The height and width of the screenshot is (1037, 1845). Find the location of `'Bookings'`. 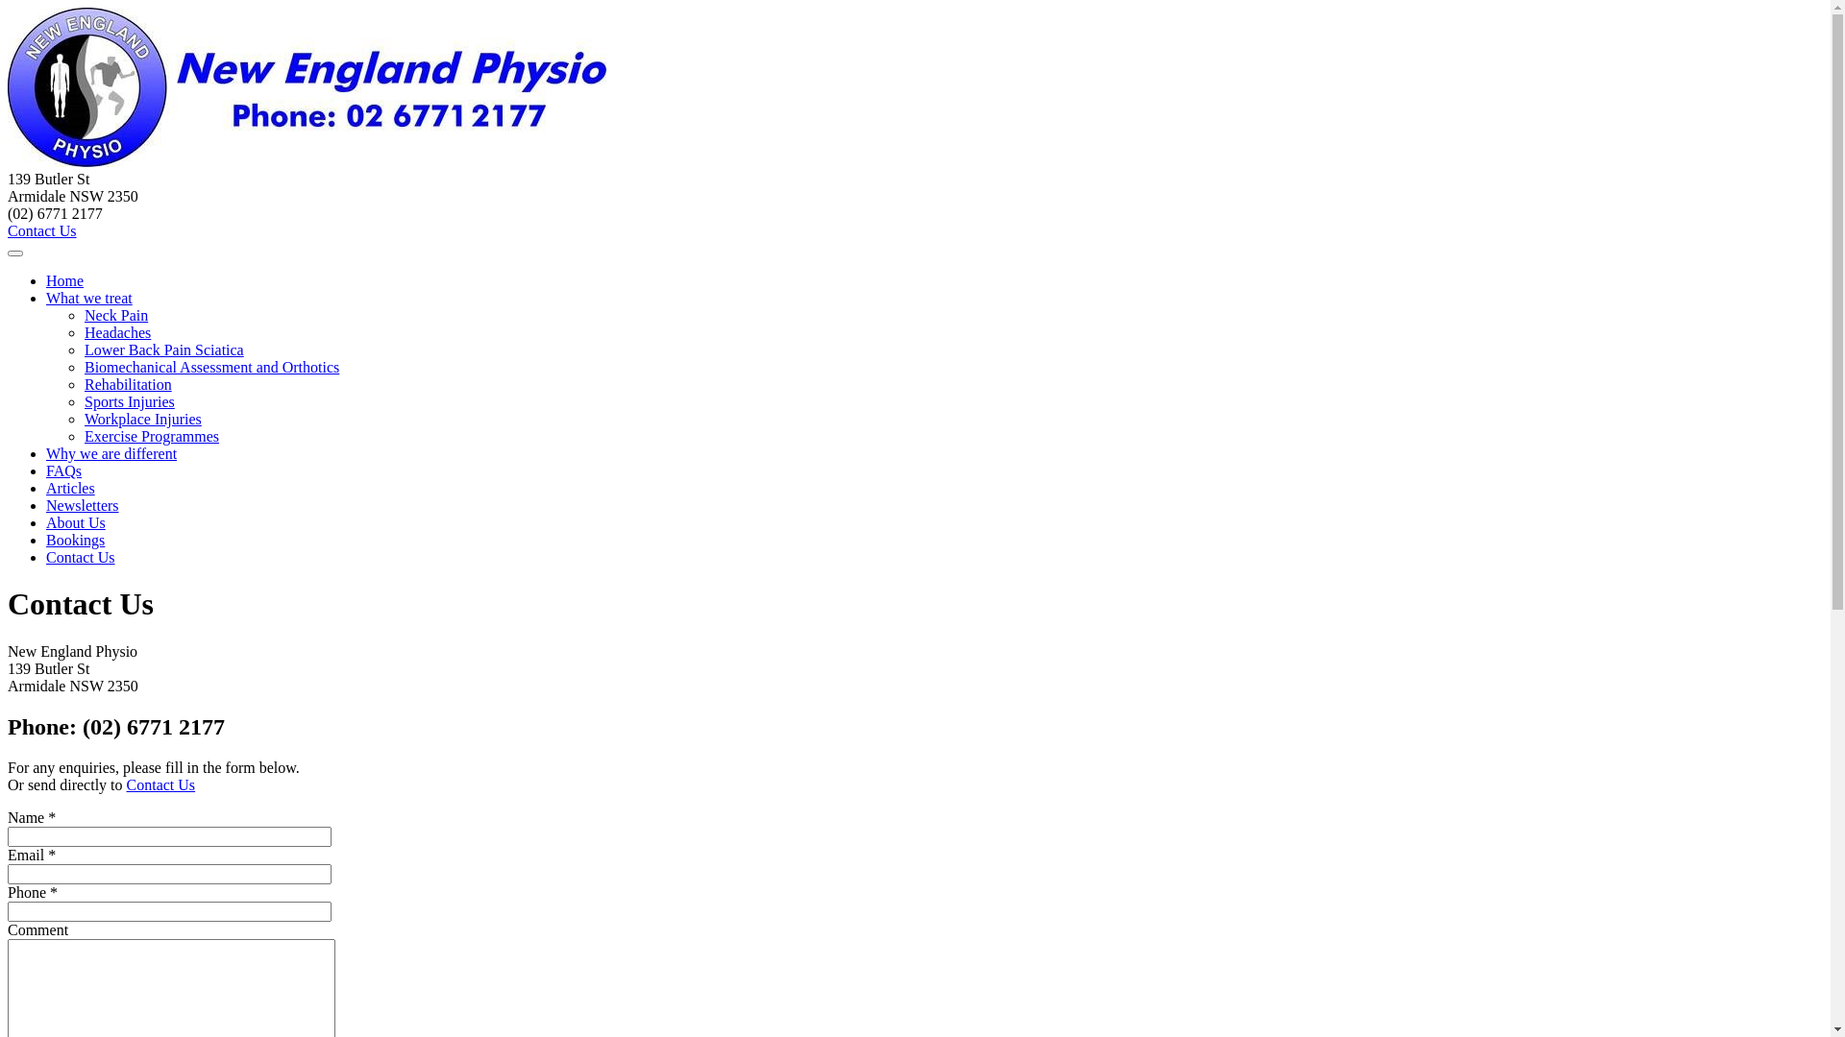

'Bookings' is located at coordinates (75, 540).